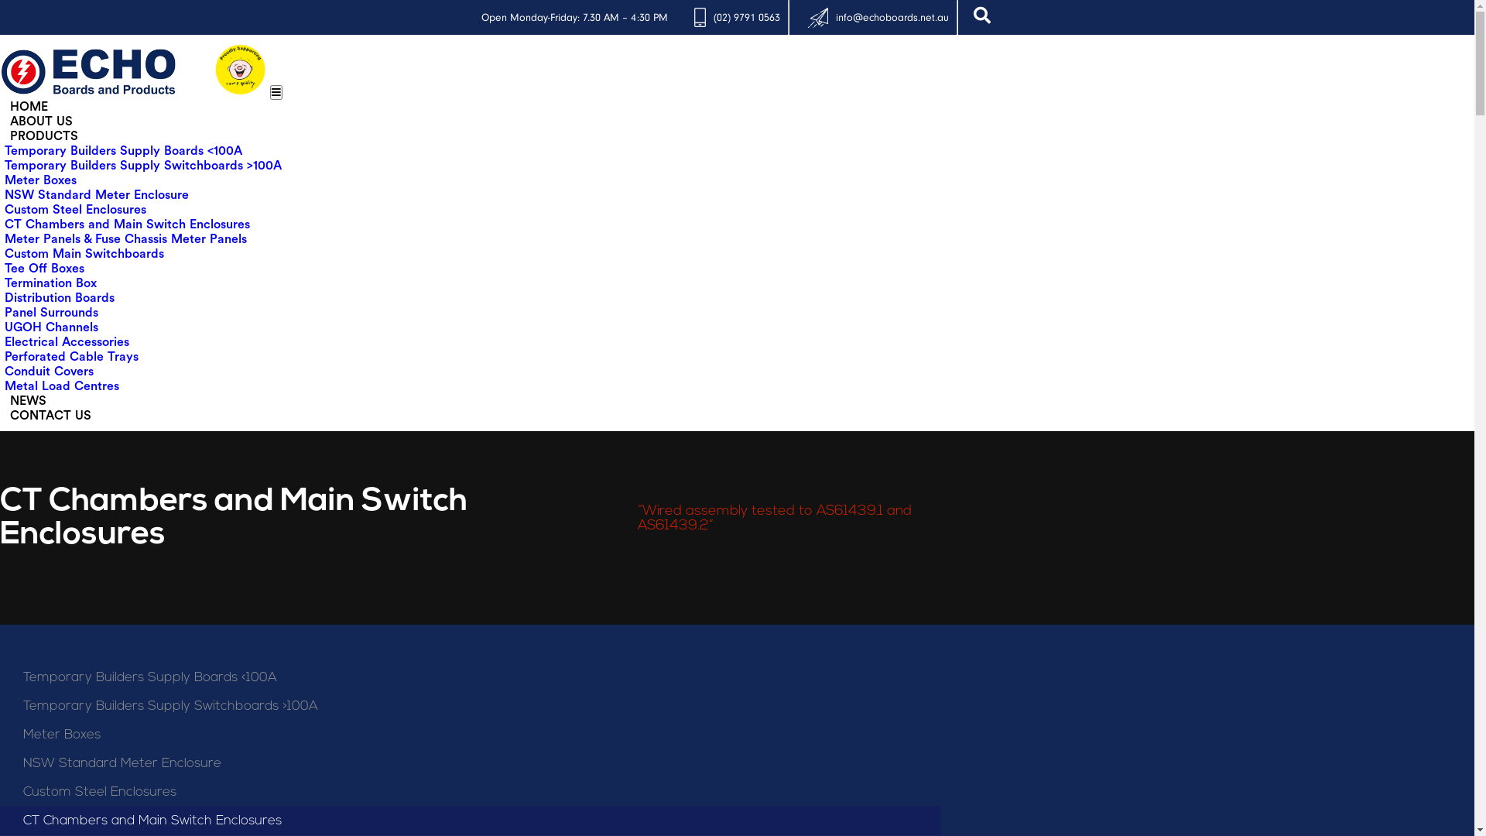  I want to click on 'Electrical Accessories', so click(4, 341).